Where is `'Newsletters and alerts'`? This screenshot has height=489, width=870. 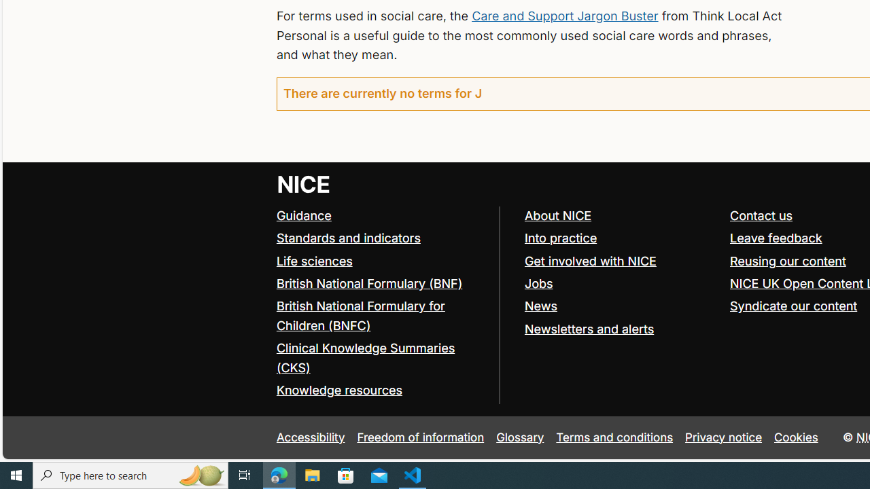
'Newsletters and alerts' is located at coordinates (589, 329).